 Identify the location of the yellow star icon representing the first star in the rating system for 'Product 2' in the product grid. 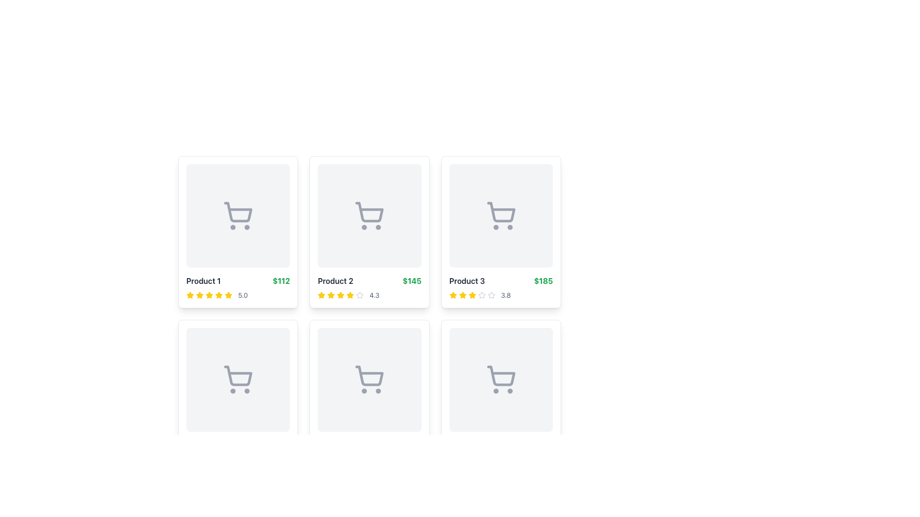
(341, 295).